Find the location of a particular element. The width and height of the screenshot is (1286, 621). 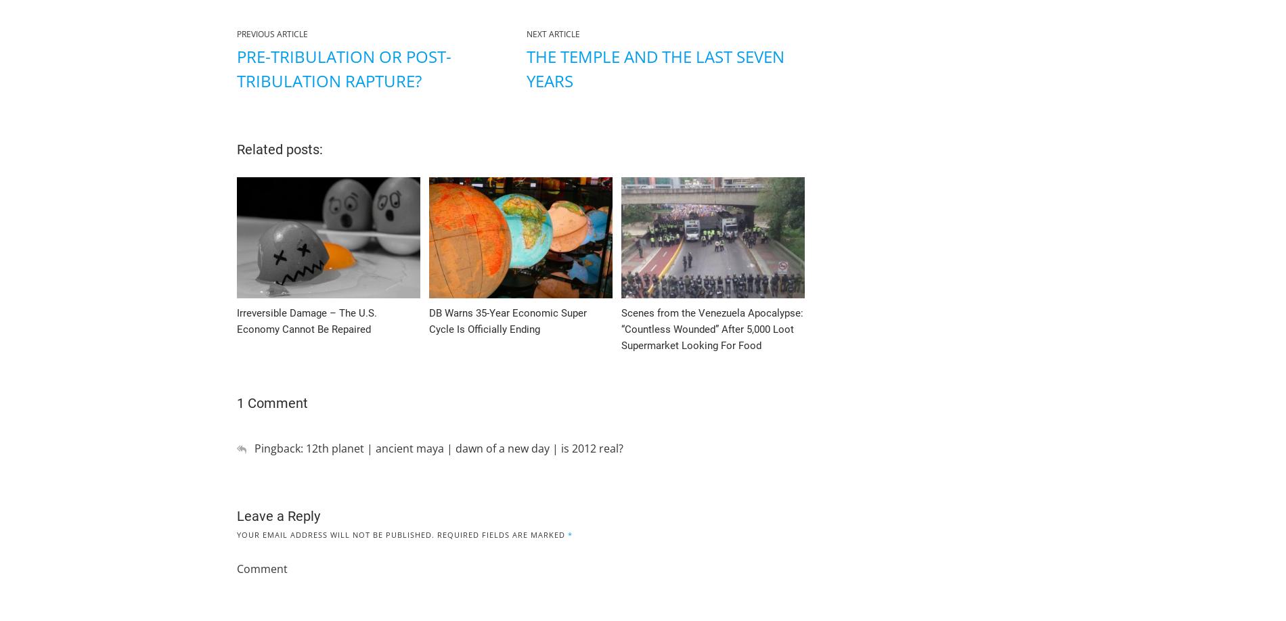

'Irreversible Damage – The U.S. Economy Cannot Be Repaired' is located at coordinates (306, 320).